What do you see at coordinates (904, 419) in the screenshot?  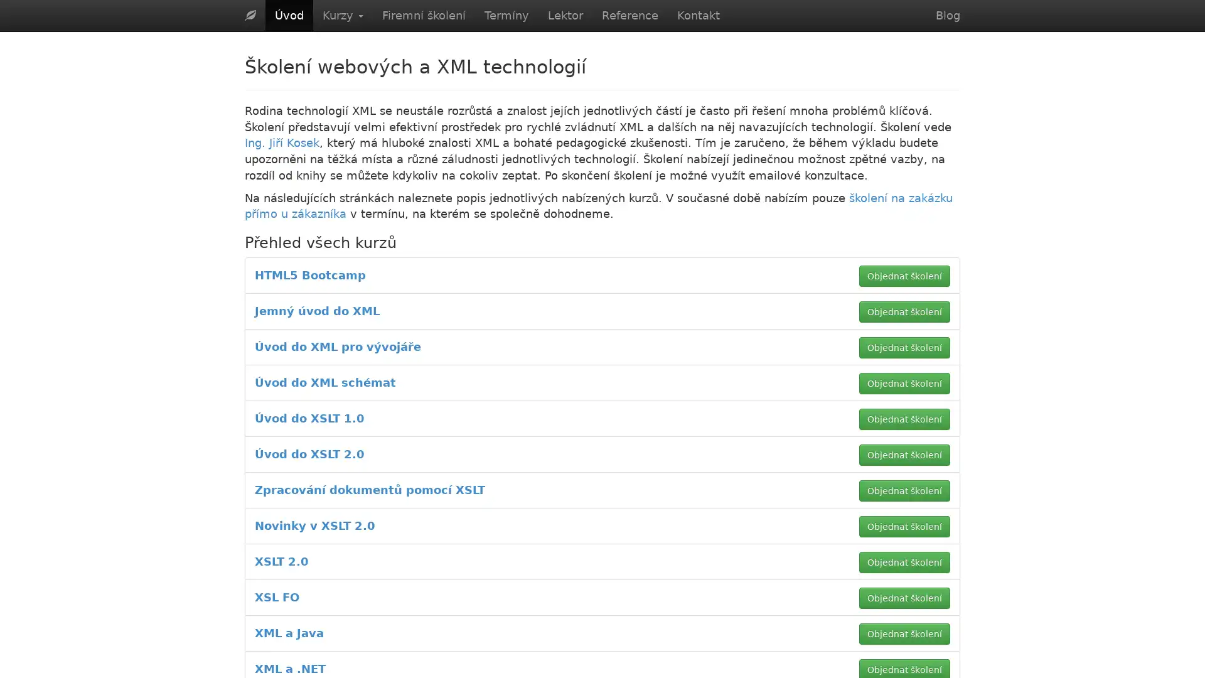 I see `Objednat skoleni` at bounding box center [904, 419].